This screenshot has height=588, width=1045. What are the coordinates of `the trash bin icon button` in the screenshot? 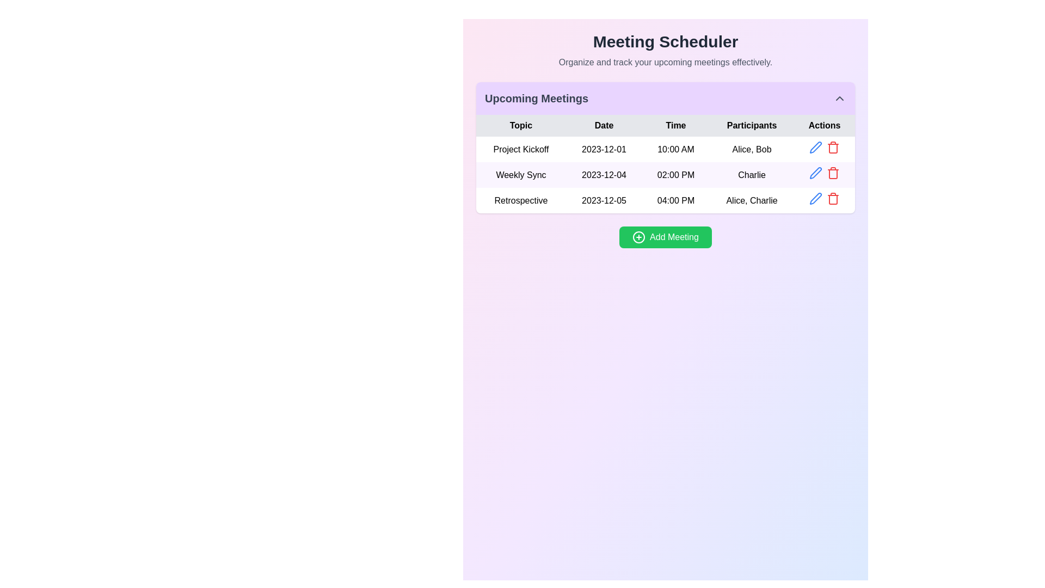 It's located at (833, 172).